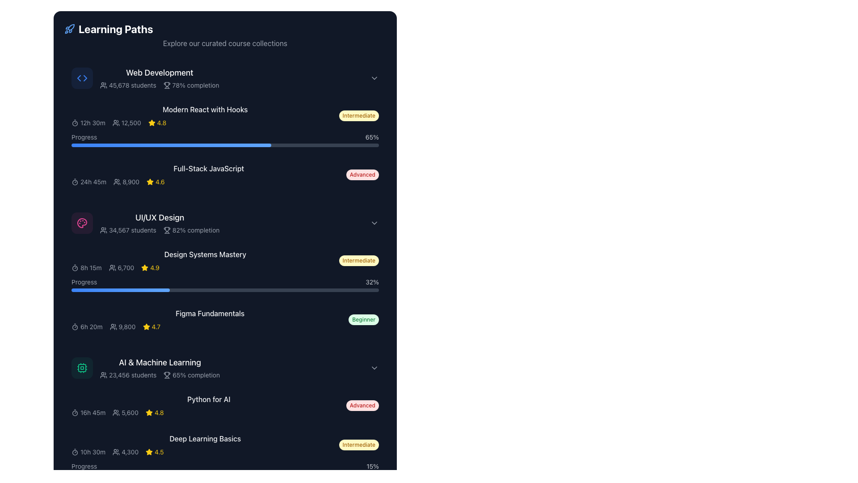 Image resolution: width=858 pixels, height=483 pixels. What do you see at coordinates (86, 267) in the screenshot?
I see `the Time indicator element that displays the estimated duration of the 'Design Systems Mastery' course, located at the beginning of the horizontal group below the course section` at bounding box center [86, 267].